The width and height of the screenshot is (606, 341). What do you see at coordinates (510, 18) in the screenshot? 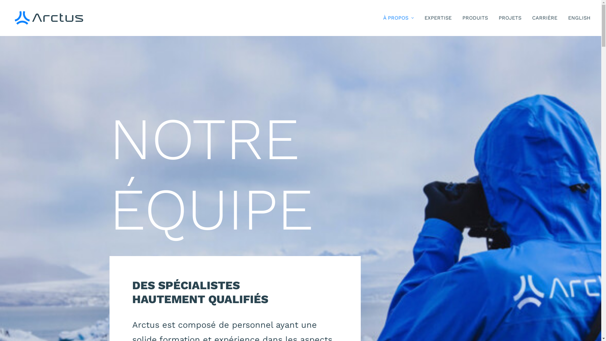
I see `'PROJETS'` at bounding box center [510, 18].